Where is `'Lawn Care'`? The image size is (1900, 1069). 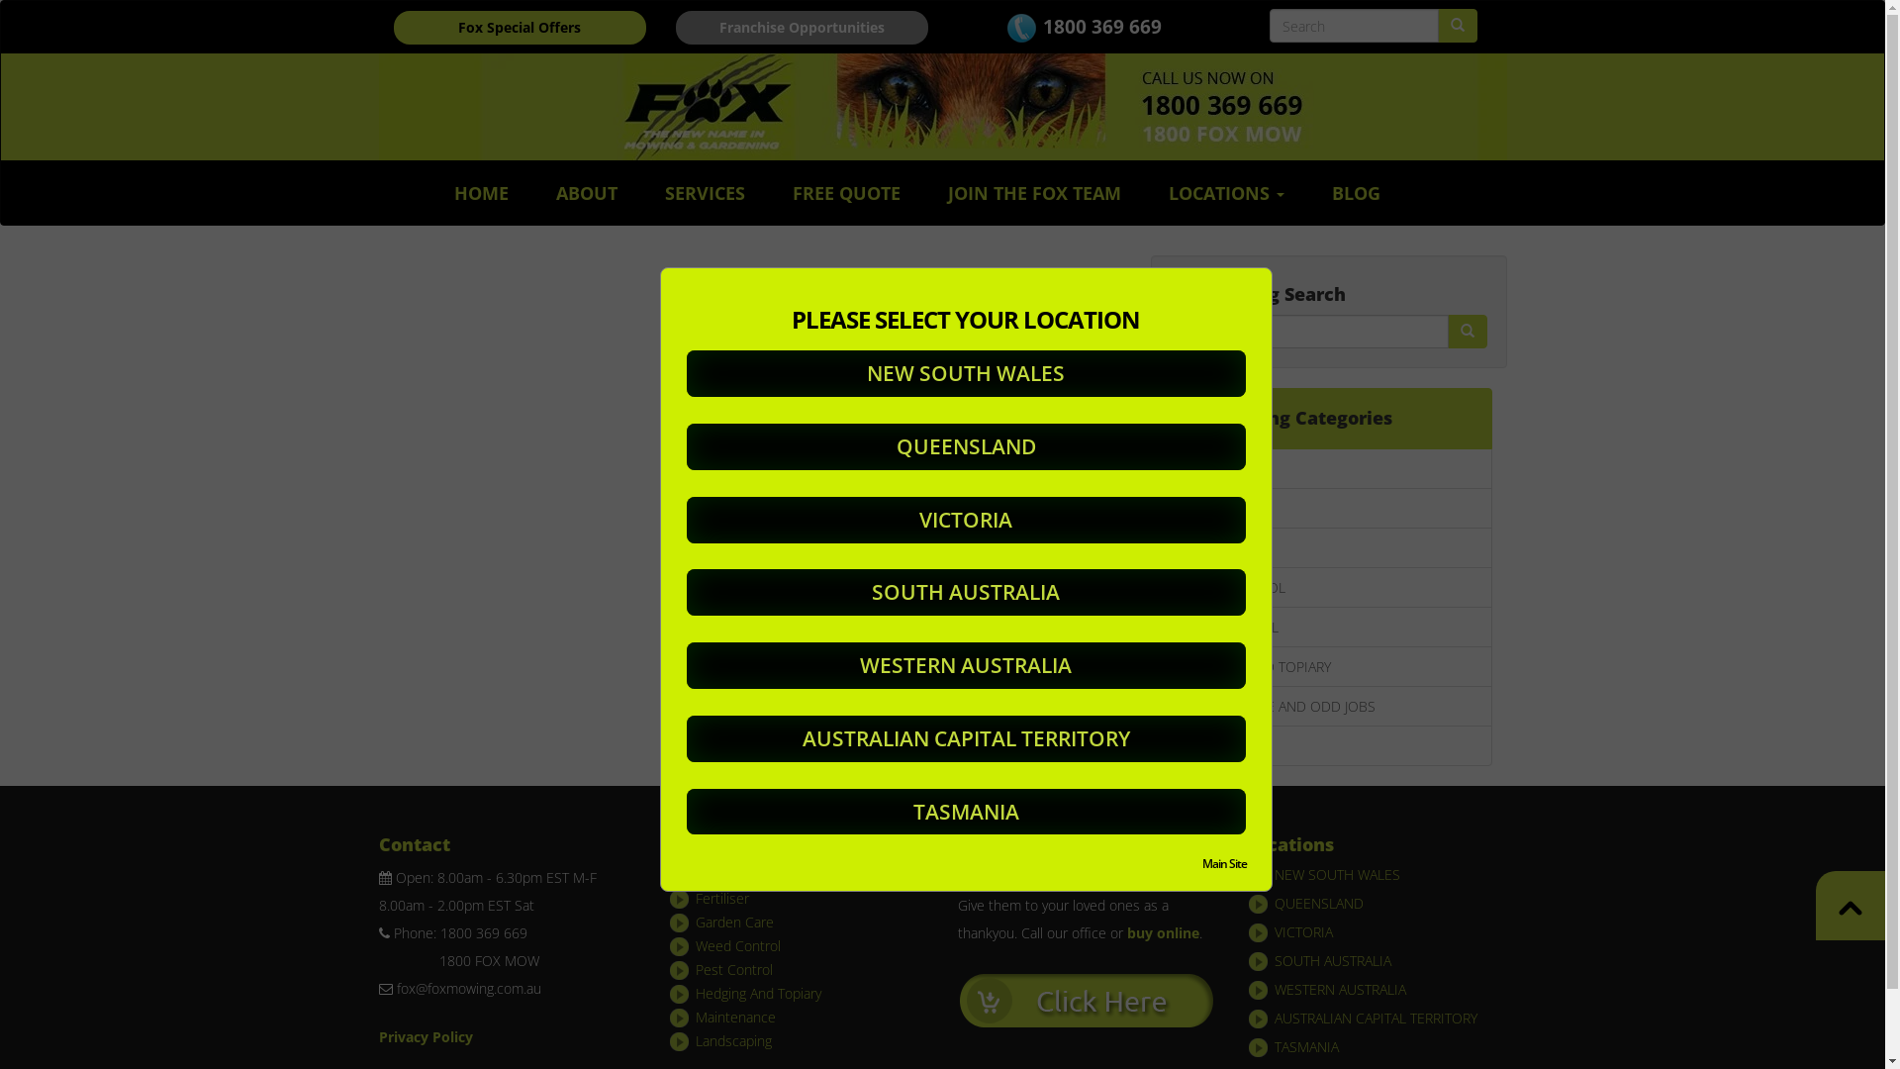
'Lawn Care' is located at coordinates (726, 873).